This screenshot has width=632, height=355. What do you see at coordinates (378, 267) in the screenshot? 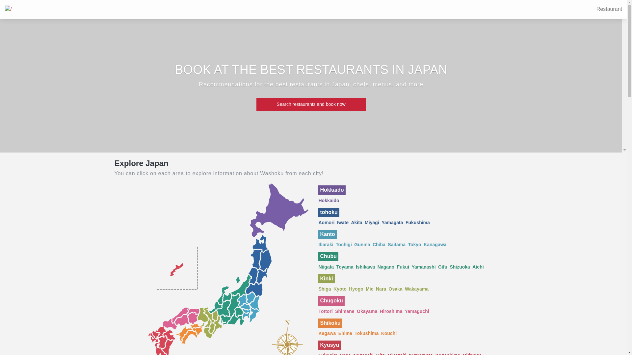
I see `'Nagano'` at bounding box center [378, 267].